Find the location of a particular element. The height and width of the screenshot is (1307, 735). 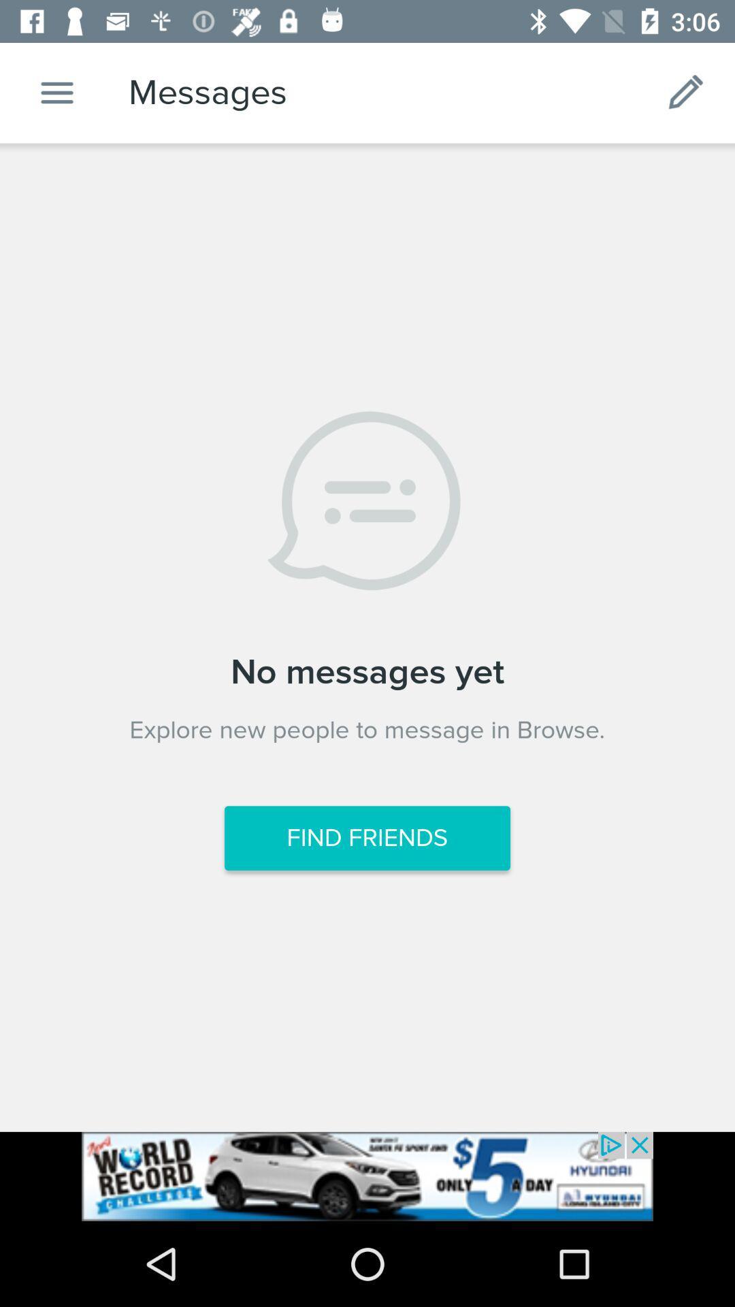

showing advertisements is located at coordinates (367, 1176).